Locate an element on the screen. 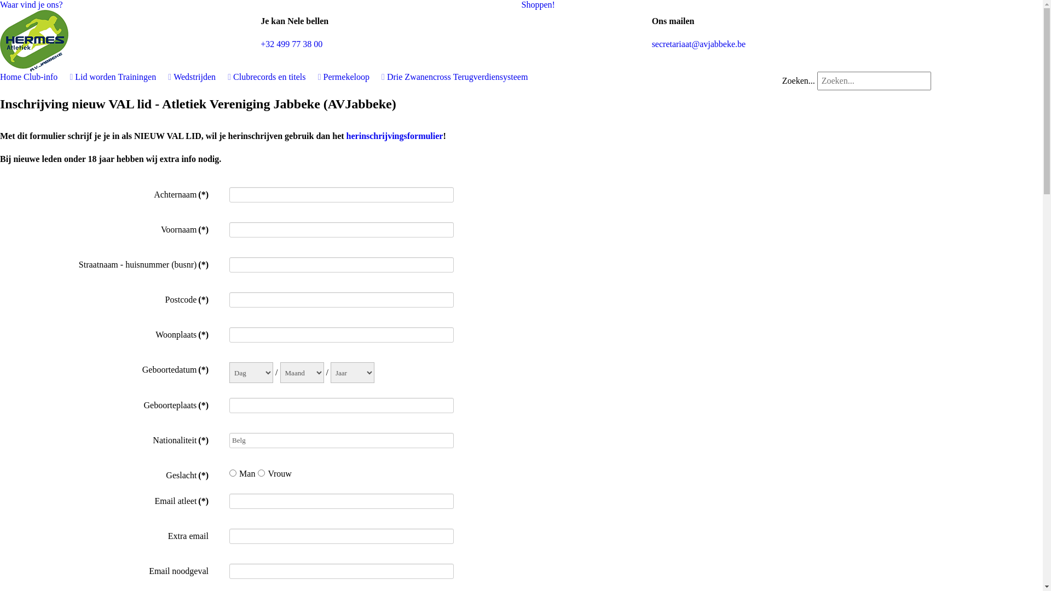  'Club-info' is located at coordinates (47, 76).